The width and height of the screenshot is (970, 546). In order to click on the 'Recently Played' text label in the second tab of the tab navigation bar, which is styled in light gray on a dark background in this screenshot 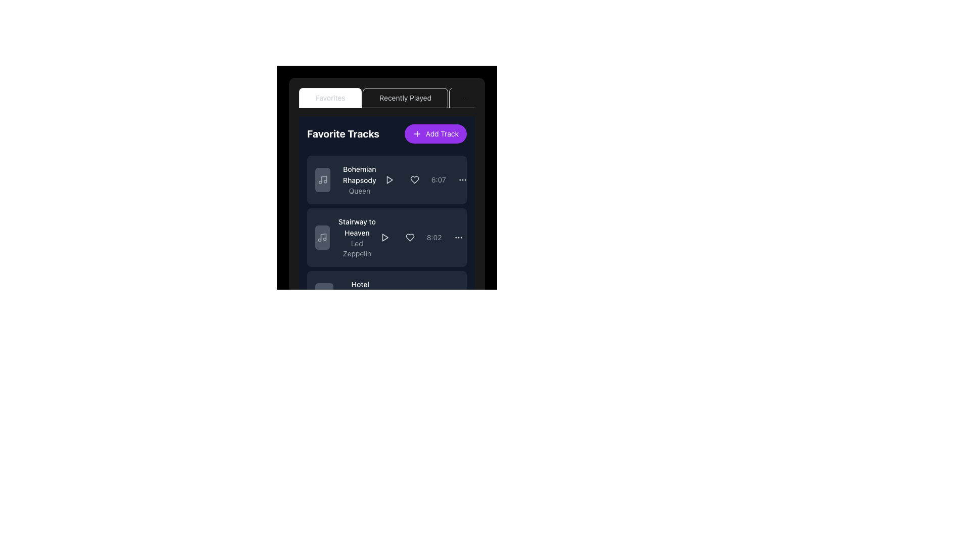, I will do `click(405, 98)`.